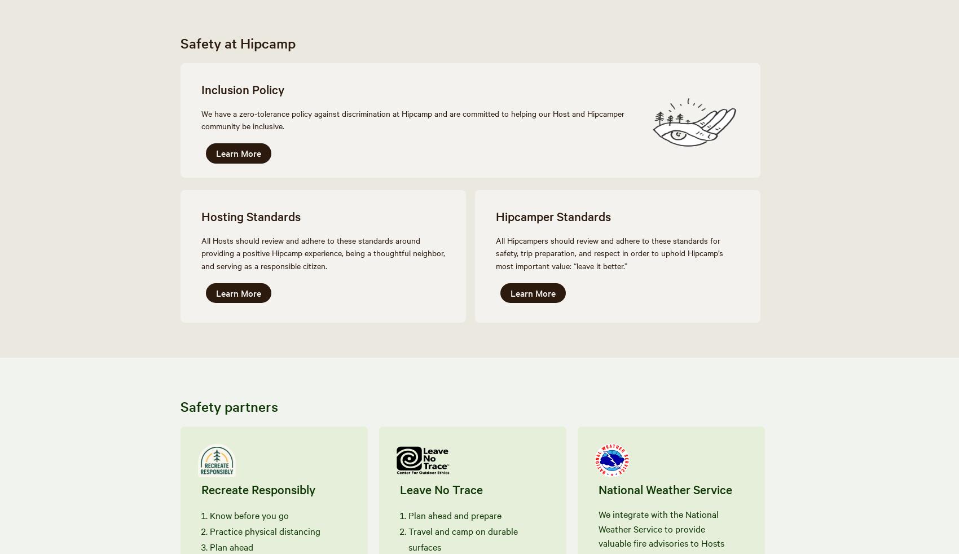 The height and width of the screenshot is (554, 959). What do you see at coordinates (209, 530) in the screenshot?
I see `'Practice physical distancing'` at bounding box center [209, 530].